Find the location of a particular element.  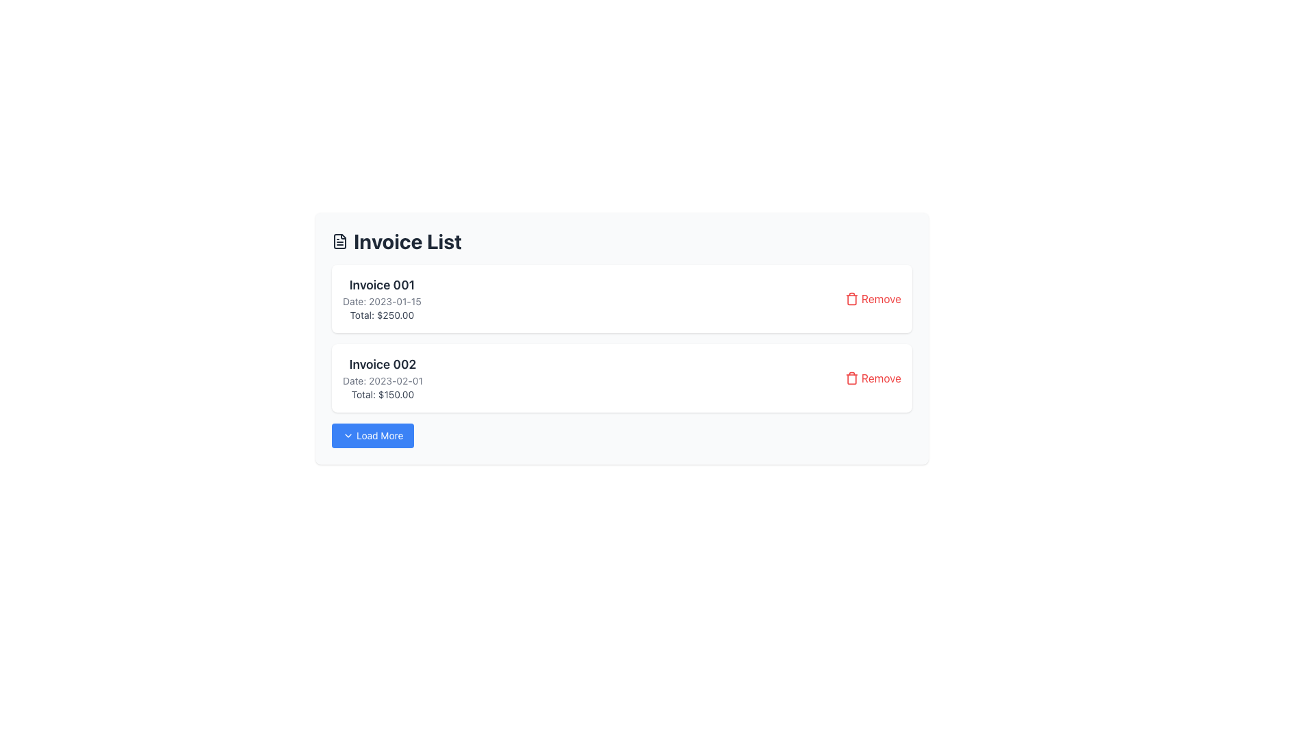

the icon located to the right of the 'Load More' button text, which reveals more content when pressed is located at coordinates (348, 435).